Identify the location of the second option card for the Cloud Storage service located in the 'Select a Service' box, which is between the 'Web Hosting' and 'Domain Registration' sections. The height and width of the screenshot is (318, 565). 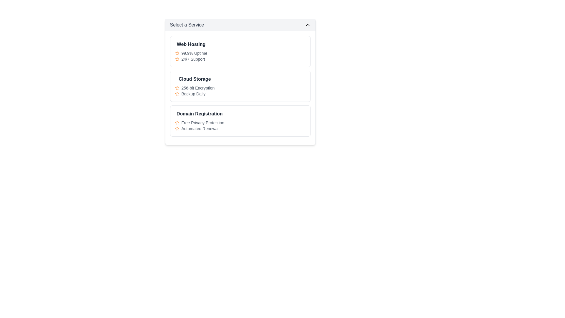
(240, 86).